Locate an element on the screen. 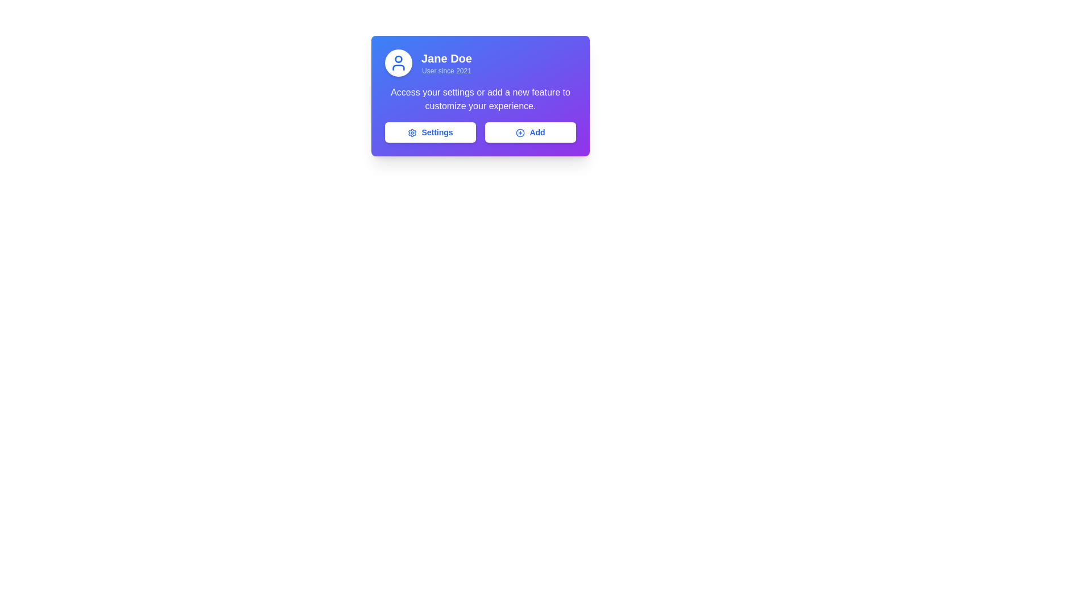  the circular gear icon located at the leftmost part of the 'Settings' button, which signifies a settings function is located at coordinates (412, 132).